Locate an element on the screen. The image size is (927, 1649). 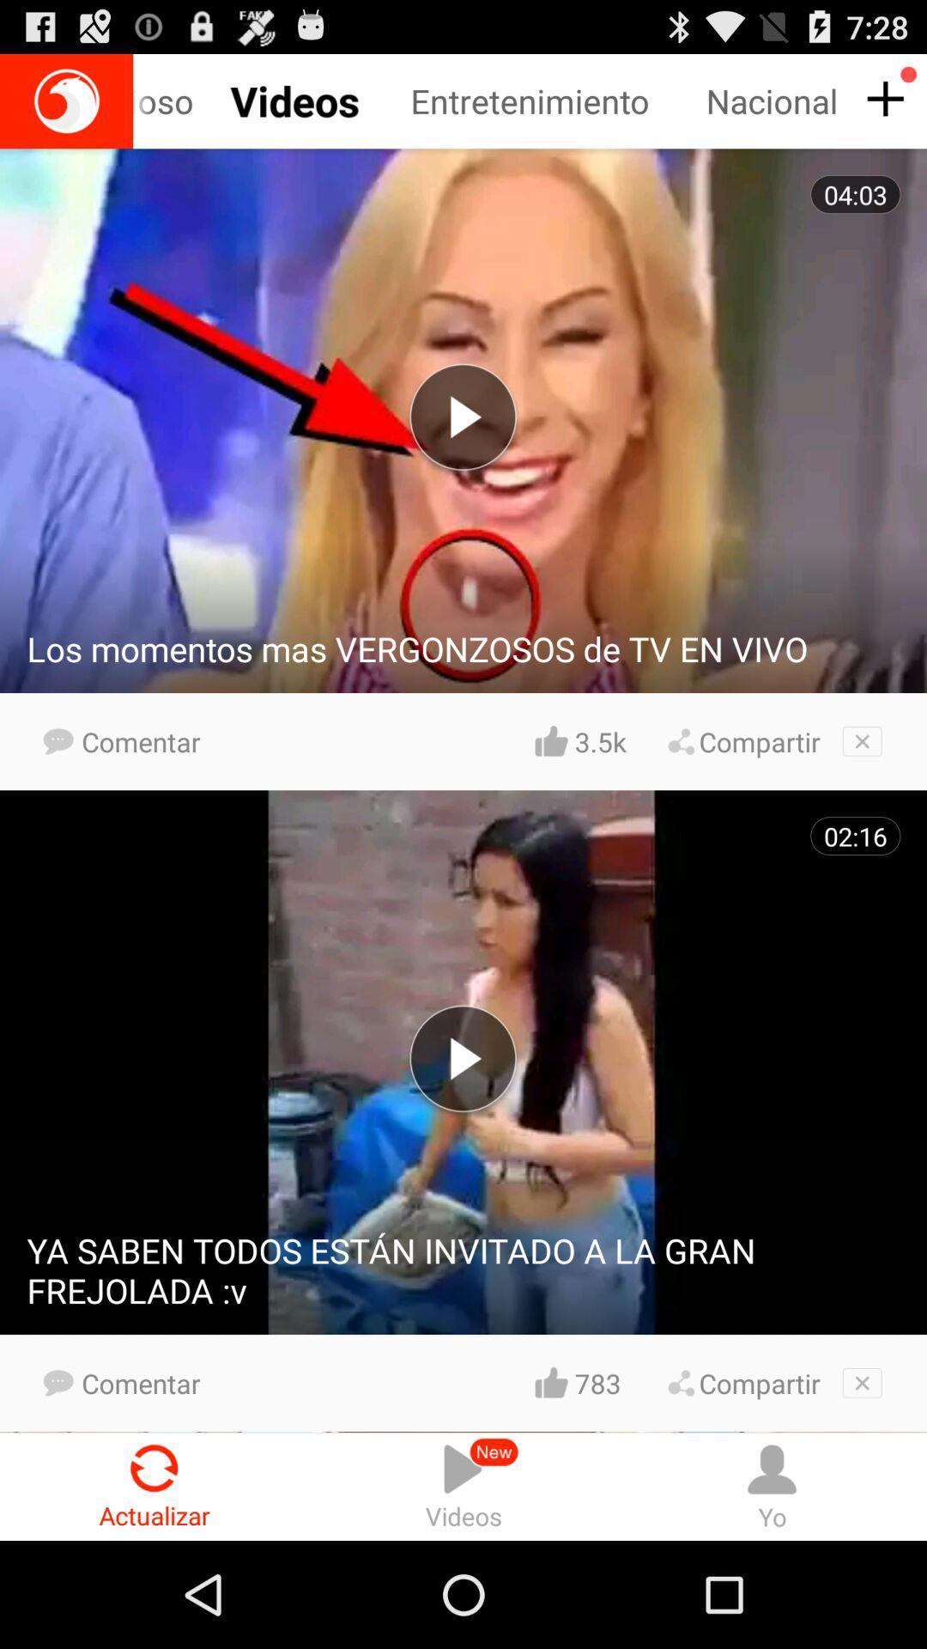
open menu is located at coordinates (882, 99).